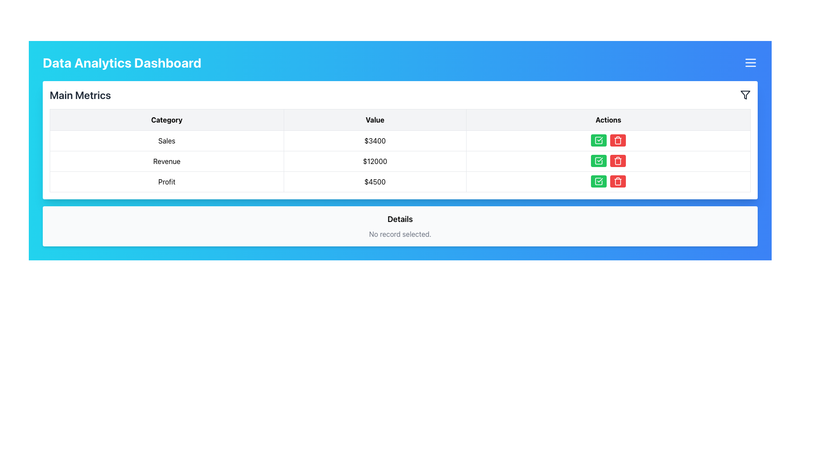  I want to click on the red button with a trash can icon located in the second position under the 'Actions' column of the 'Revenue' metric to trigger its hover styling, so click(618, 161).